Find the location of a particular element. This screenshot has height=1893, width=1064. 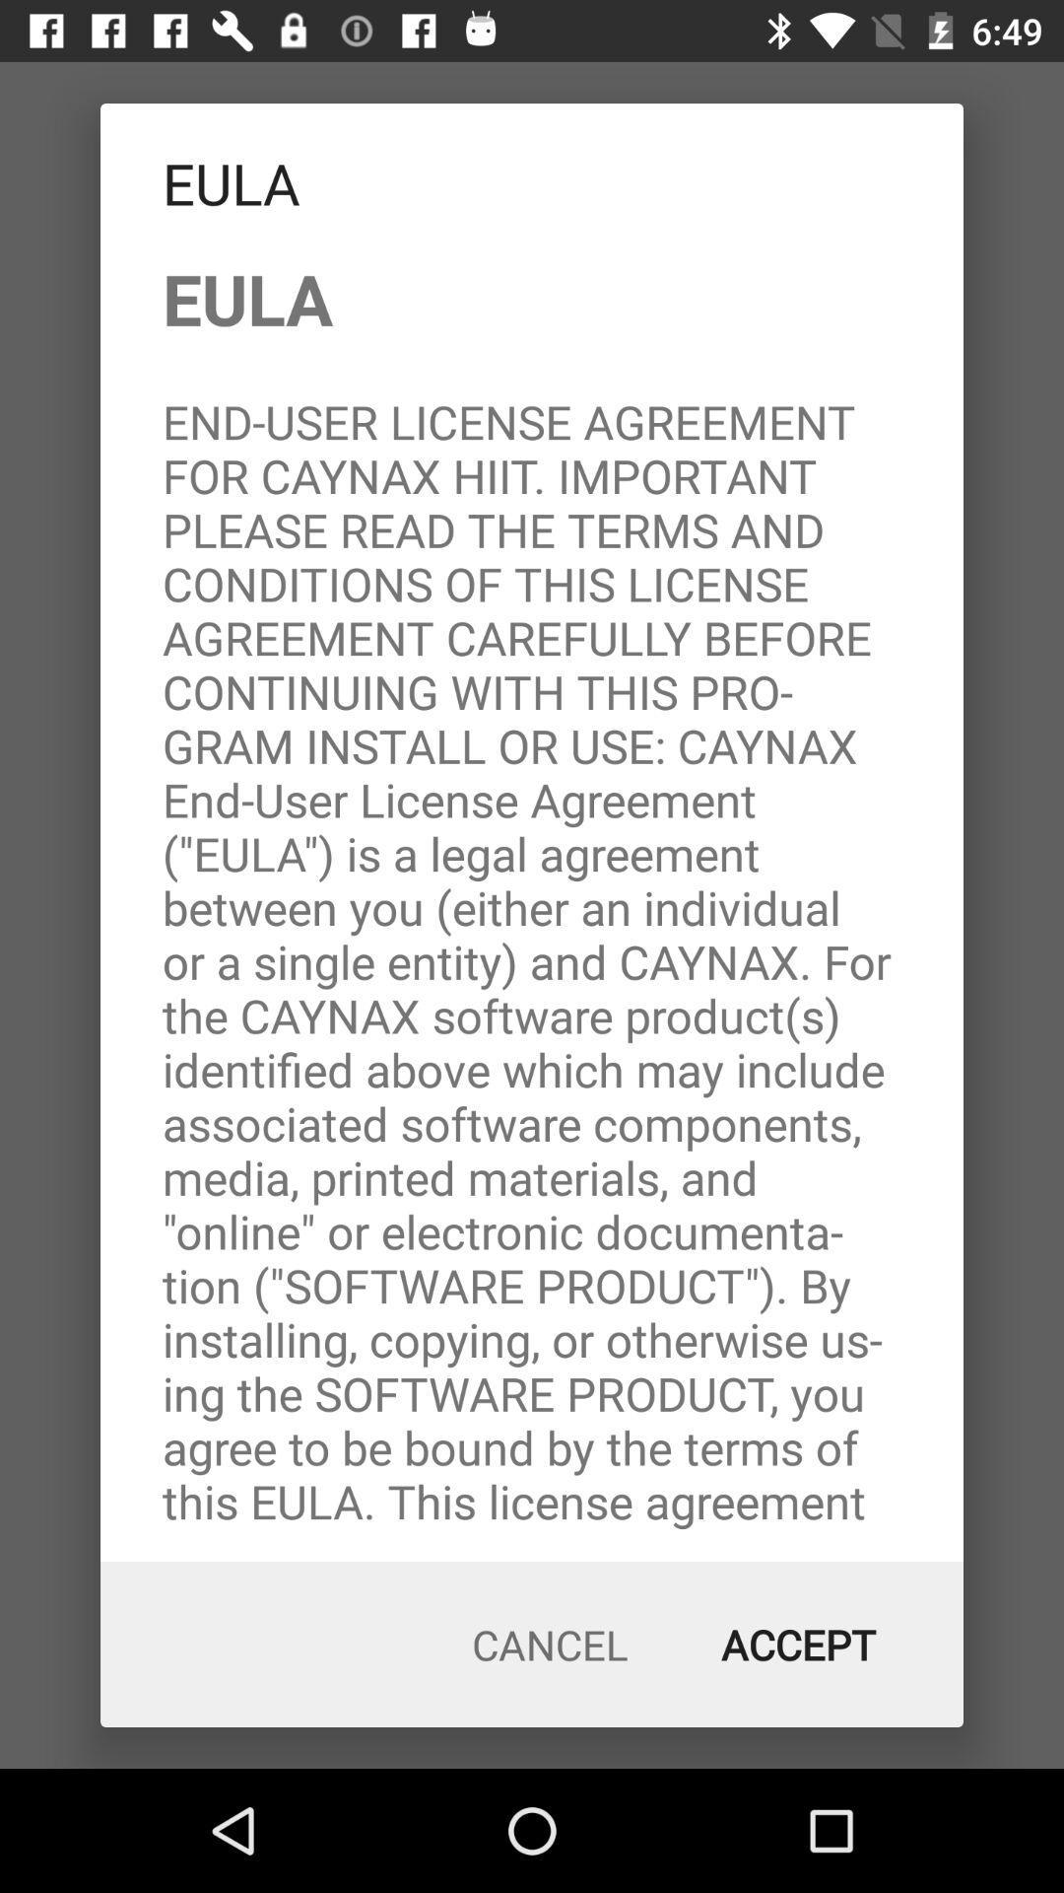

the item below the eula end user app is located at coordinates (550, 1645).